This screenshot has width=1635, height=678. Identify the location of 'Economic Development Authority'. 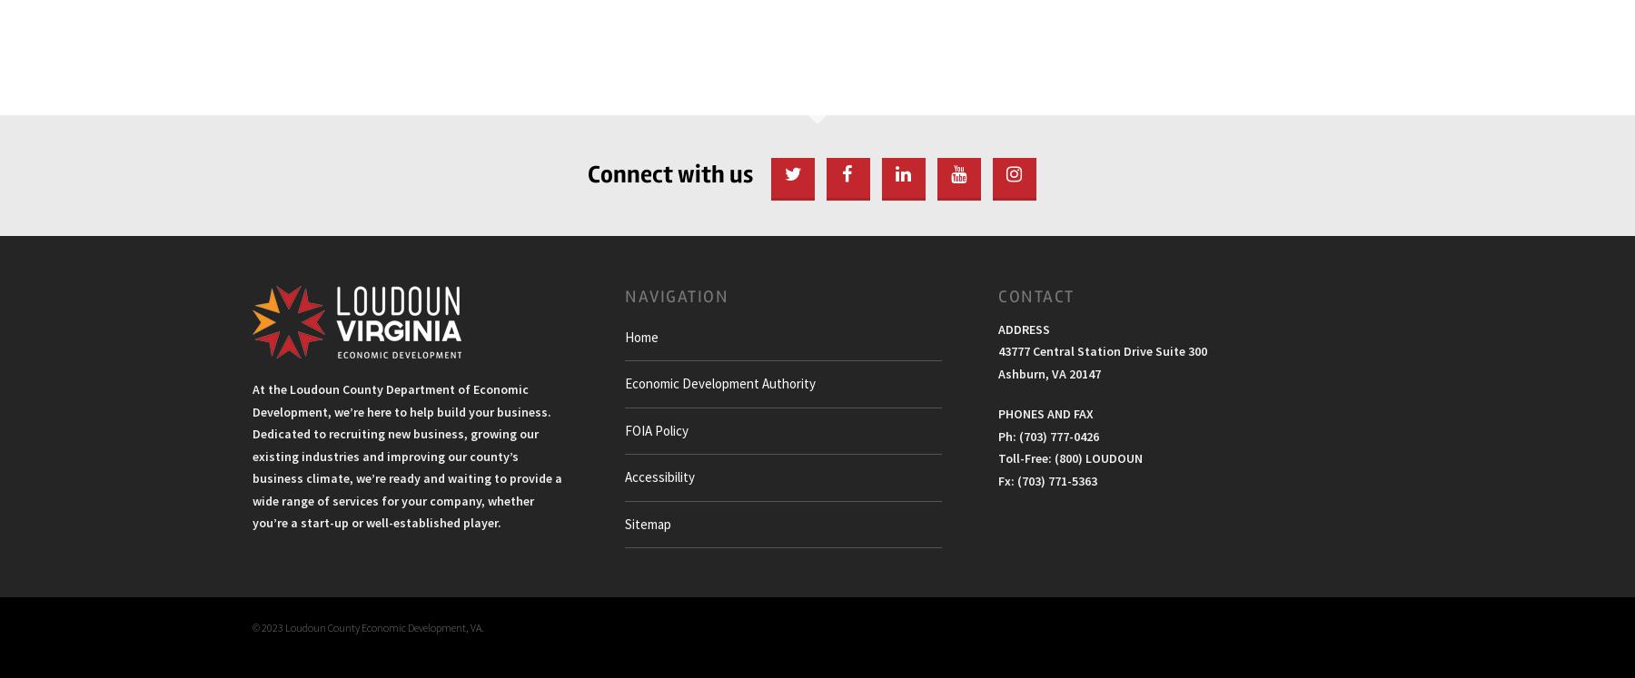
(720, 381).